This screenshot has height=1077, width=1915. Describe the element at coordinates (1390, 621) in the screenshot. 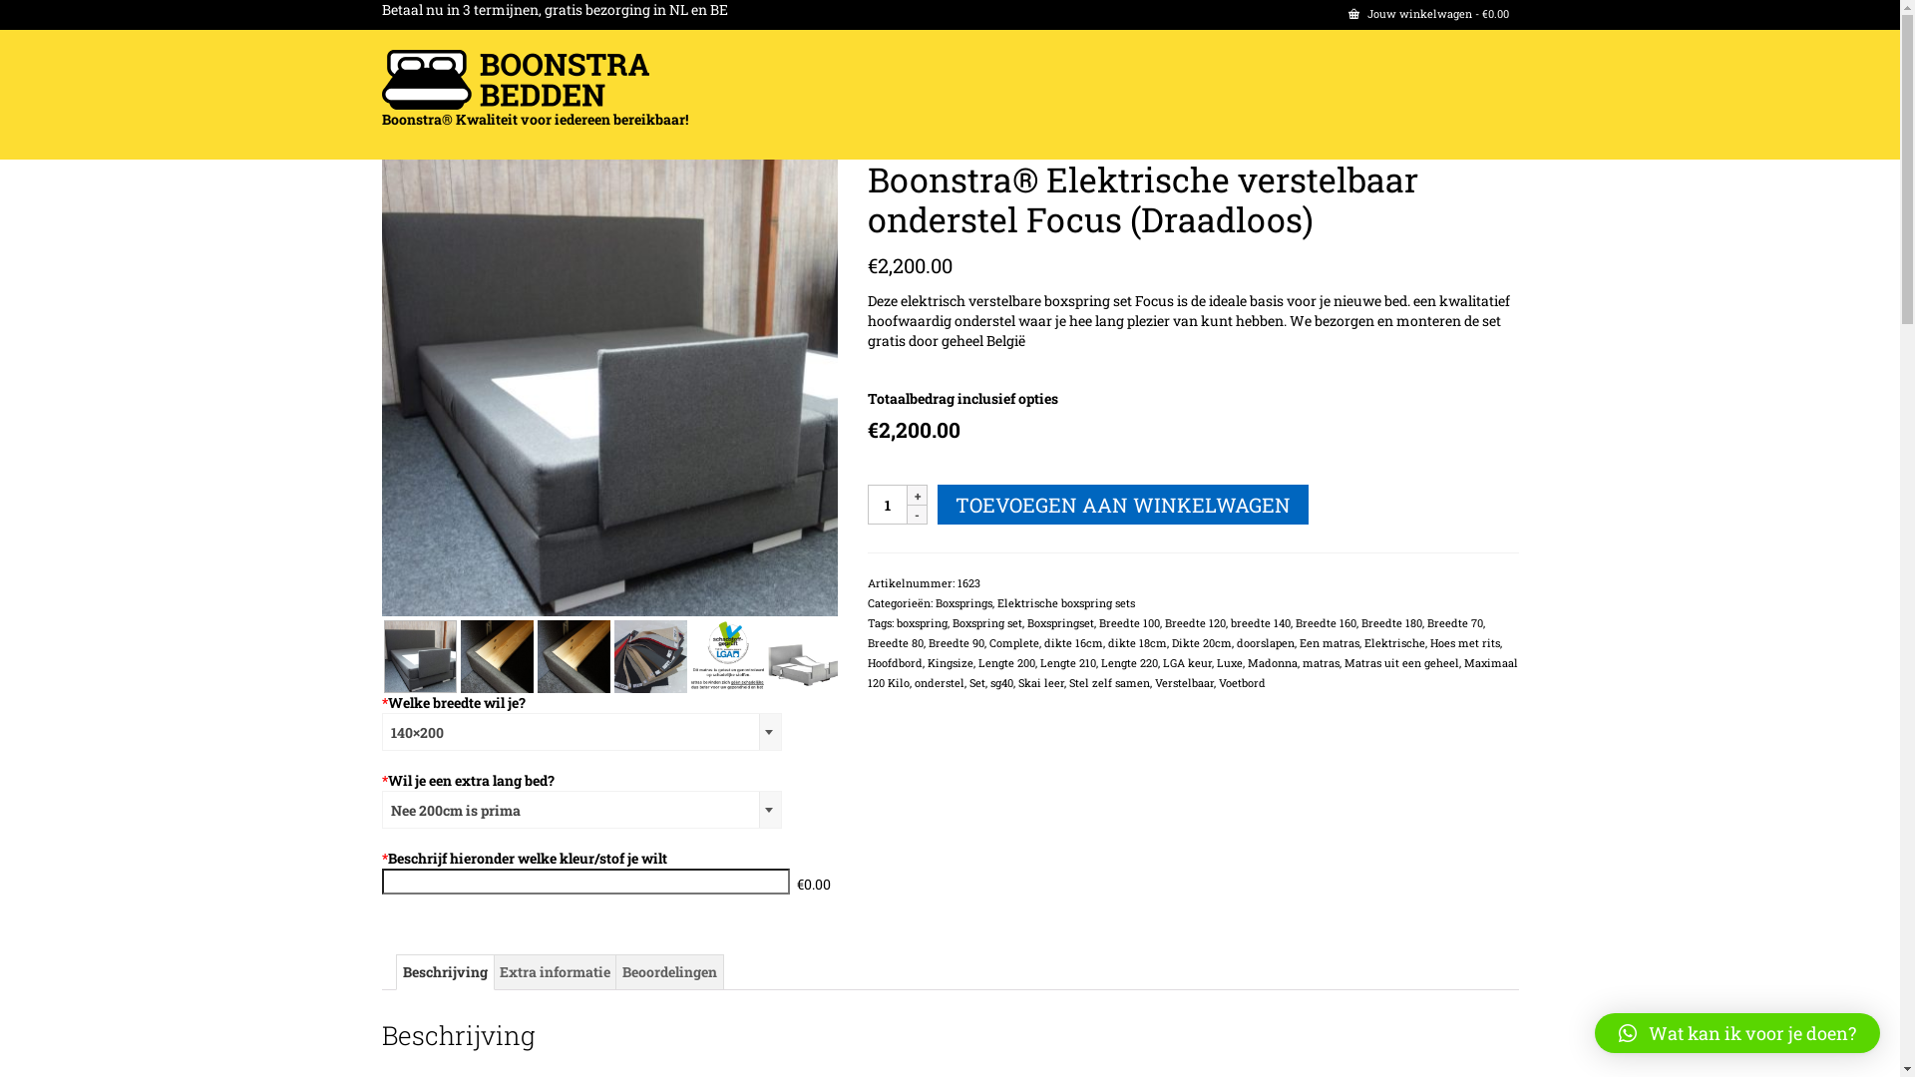

I see `'Breedte 180'` at that location.